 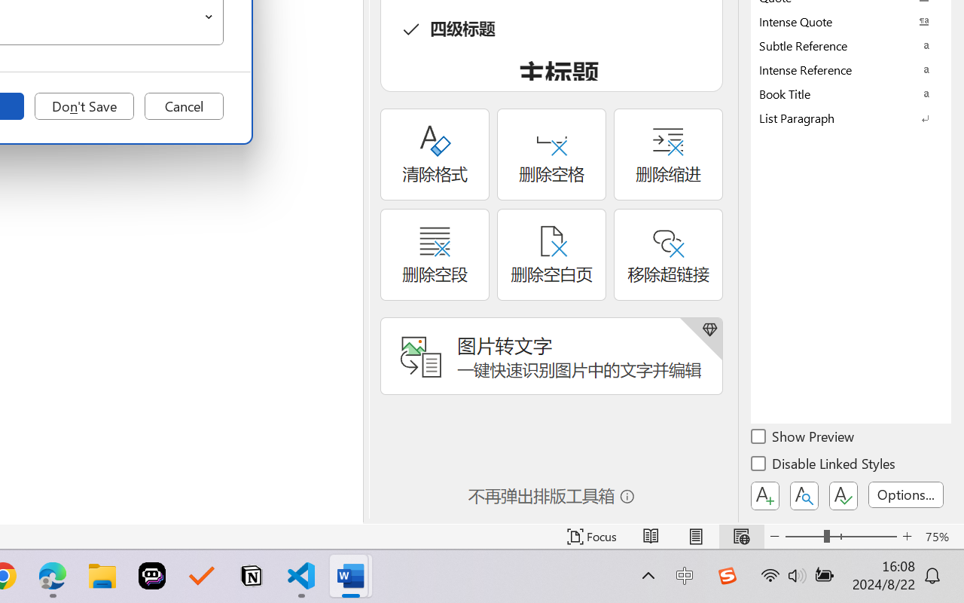 What do you see at coordinates (851, 21) in the screenshot?
I see `'Intense Quote'` at bounding box center [851, 21].